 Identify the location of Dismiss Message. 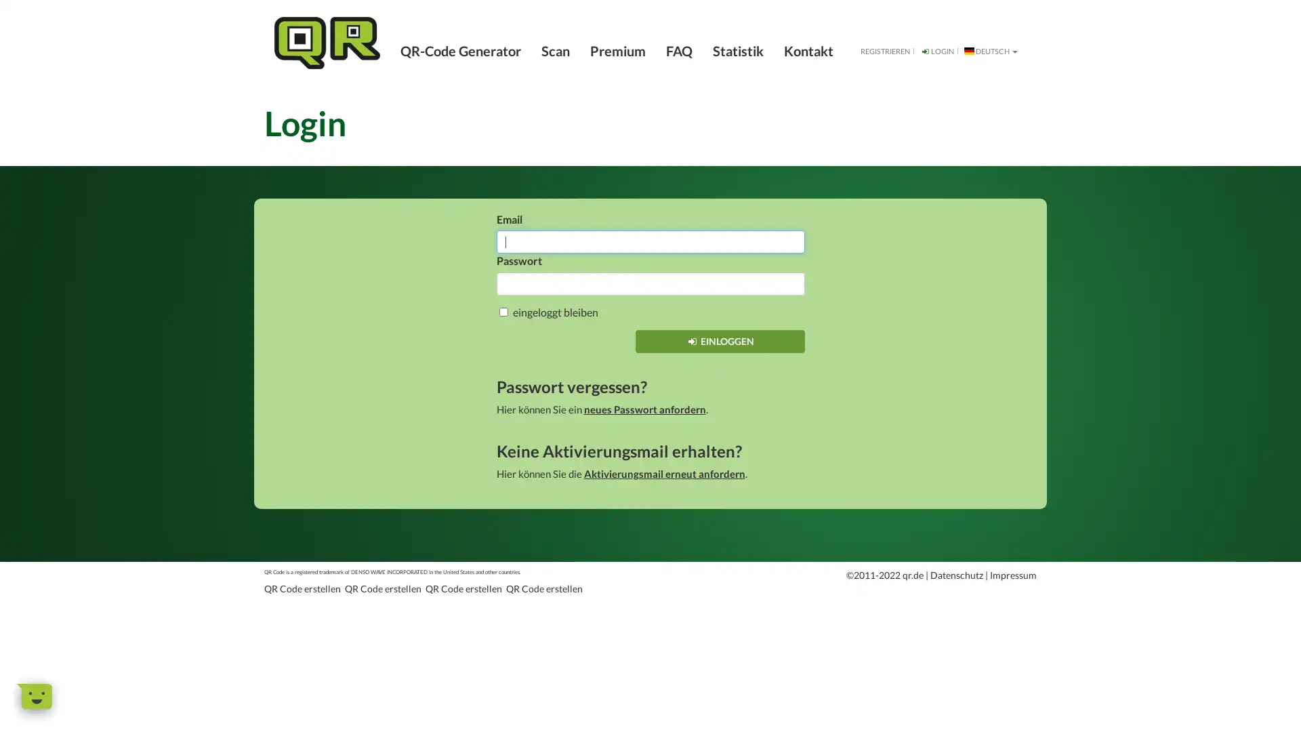
(189, 689).